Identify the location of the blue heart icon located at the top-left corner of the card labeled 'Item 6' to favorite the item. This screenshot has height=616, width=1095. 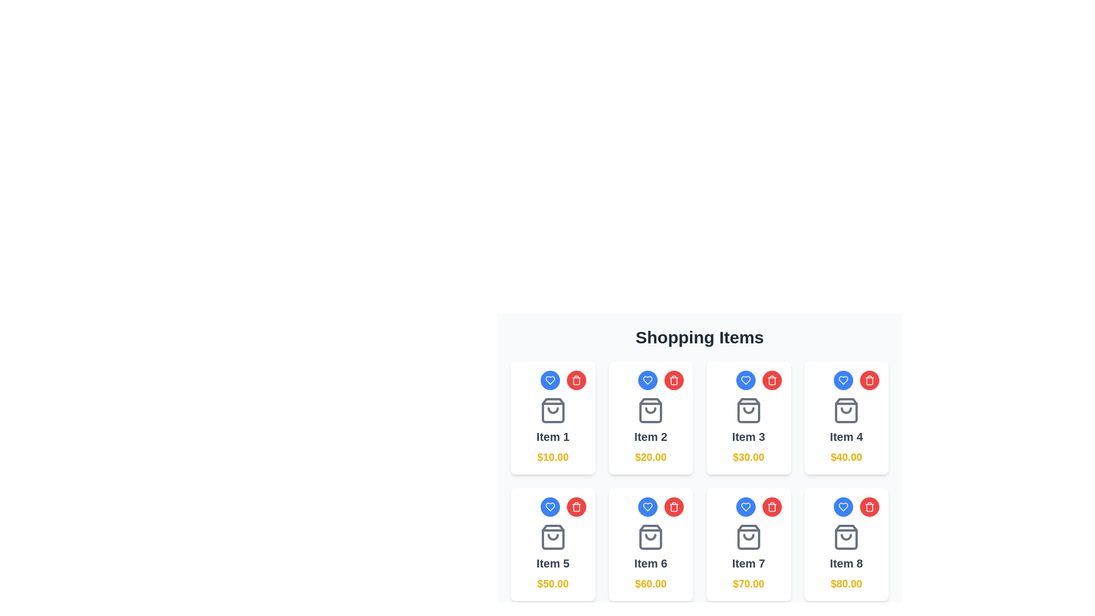
(648, 506).